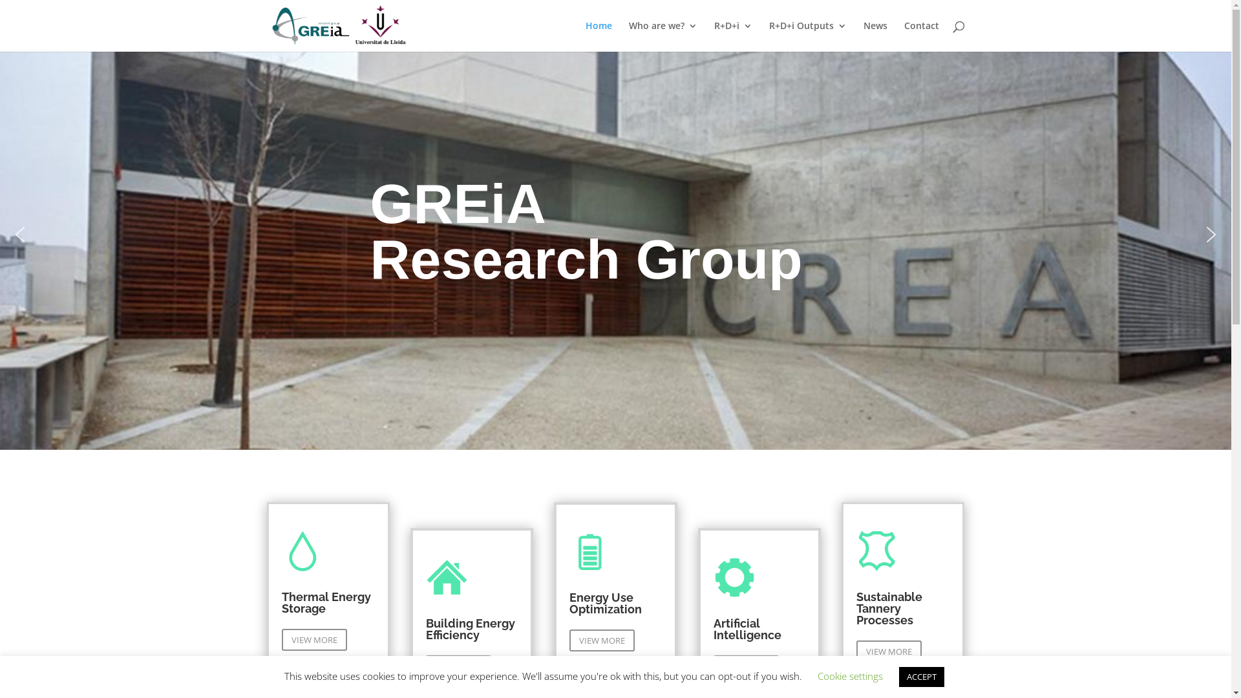 The height and width of the screenshot is (698, 1241). I want to click on 'VIEW MORE', so click(746, 666).